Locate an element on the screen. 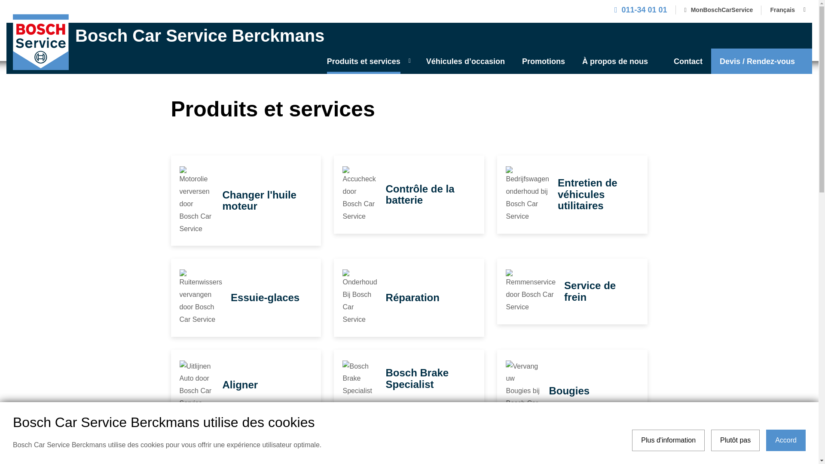 The image size is (825, 464). 'Accord' is located at coordinates (785, 440).